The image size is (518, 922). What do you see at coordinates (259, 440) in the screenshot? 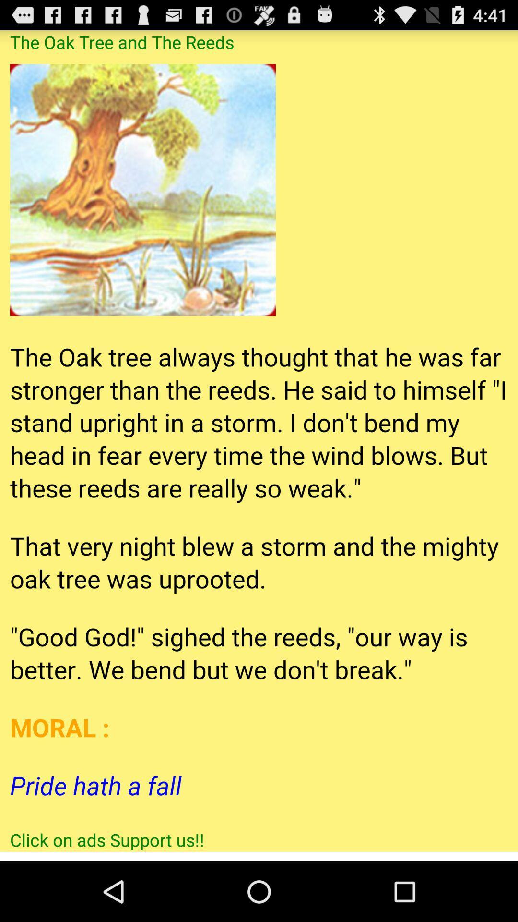
I see `the entire article` at bounding box center [259, 440].